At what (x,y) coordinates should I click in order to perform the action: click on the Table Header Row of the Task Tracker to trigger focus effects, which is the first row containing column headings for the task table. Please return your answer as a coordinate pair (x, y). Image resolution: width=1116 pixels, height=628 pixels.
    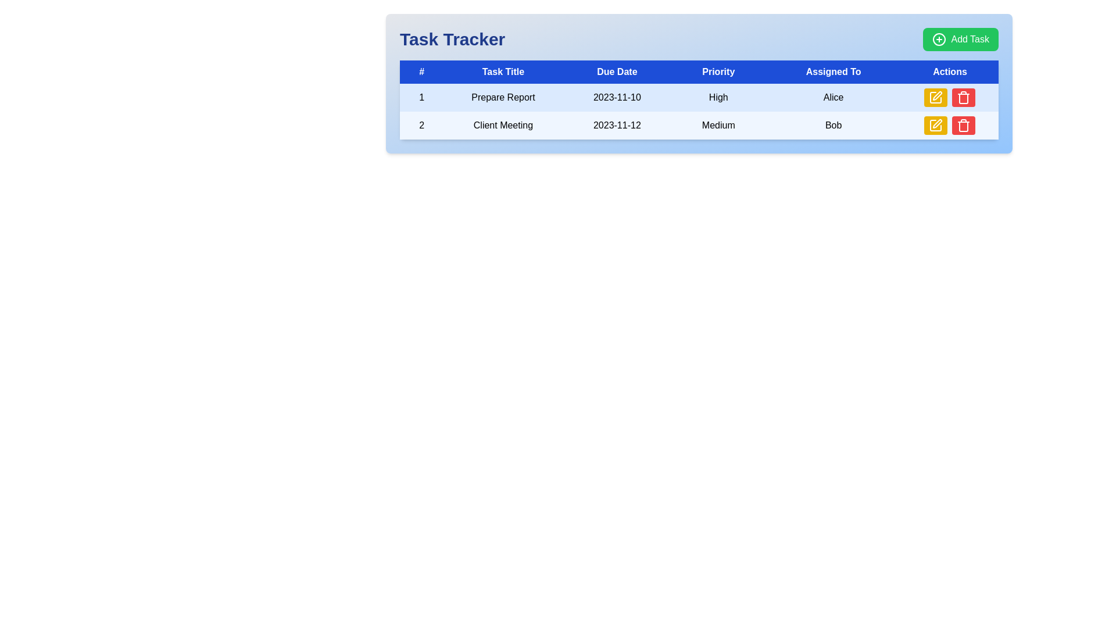
    Looking at the image, I should click on (699, 72).